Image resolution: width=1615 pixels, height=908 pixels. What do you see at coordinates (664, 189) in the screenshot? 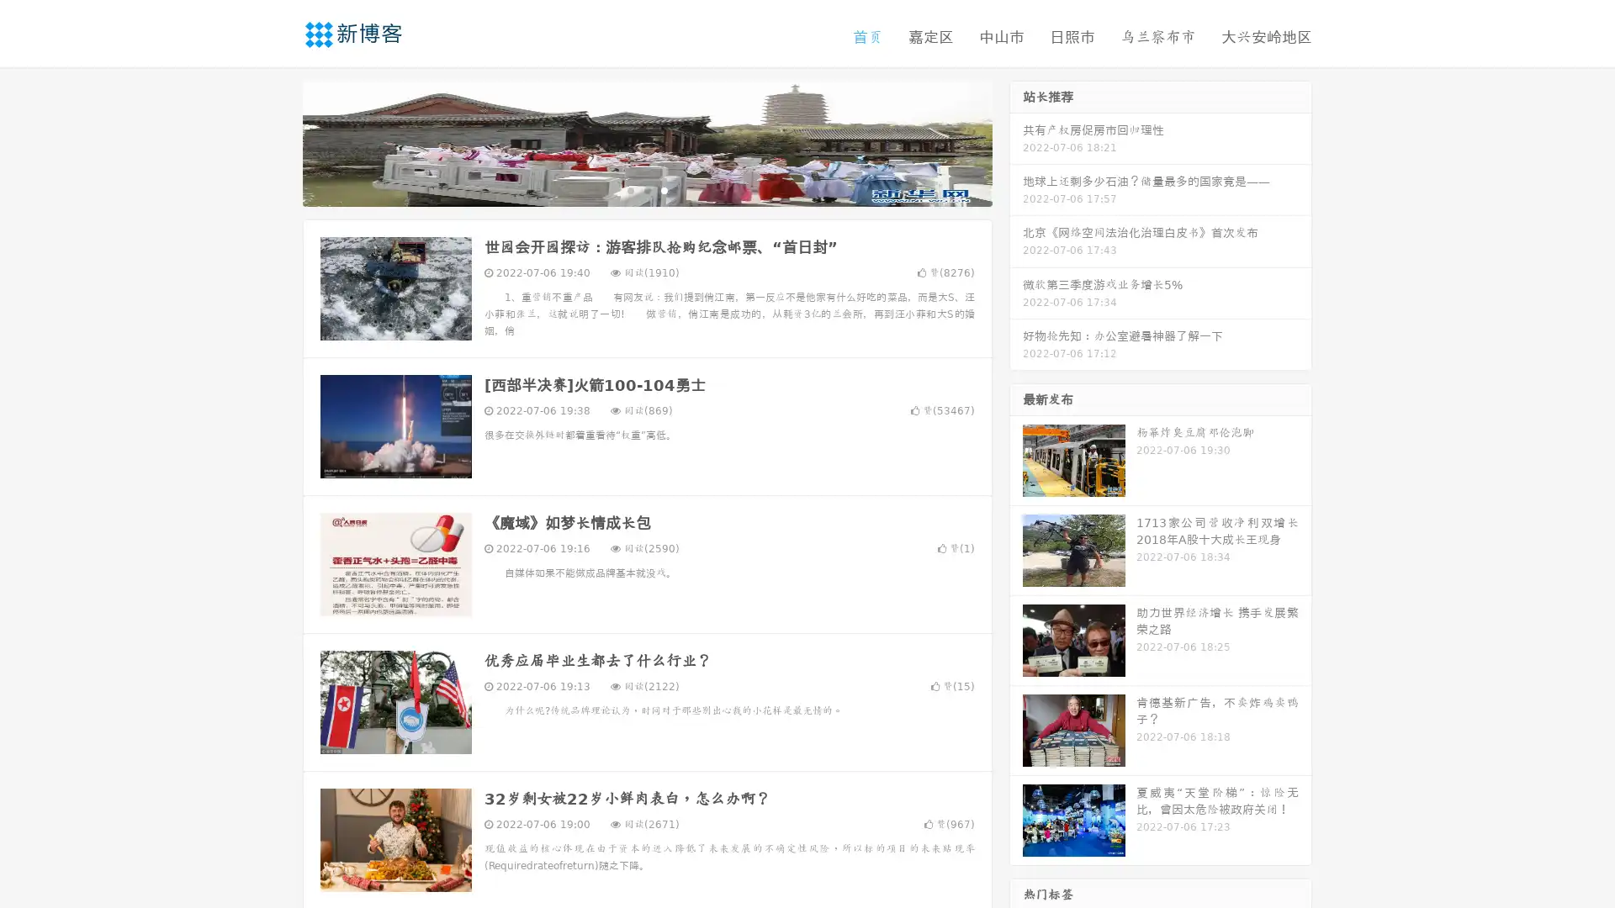
I see `Go to slide 3` at bounding box center [664, 189].